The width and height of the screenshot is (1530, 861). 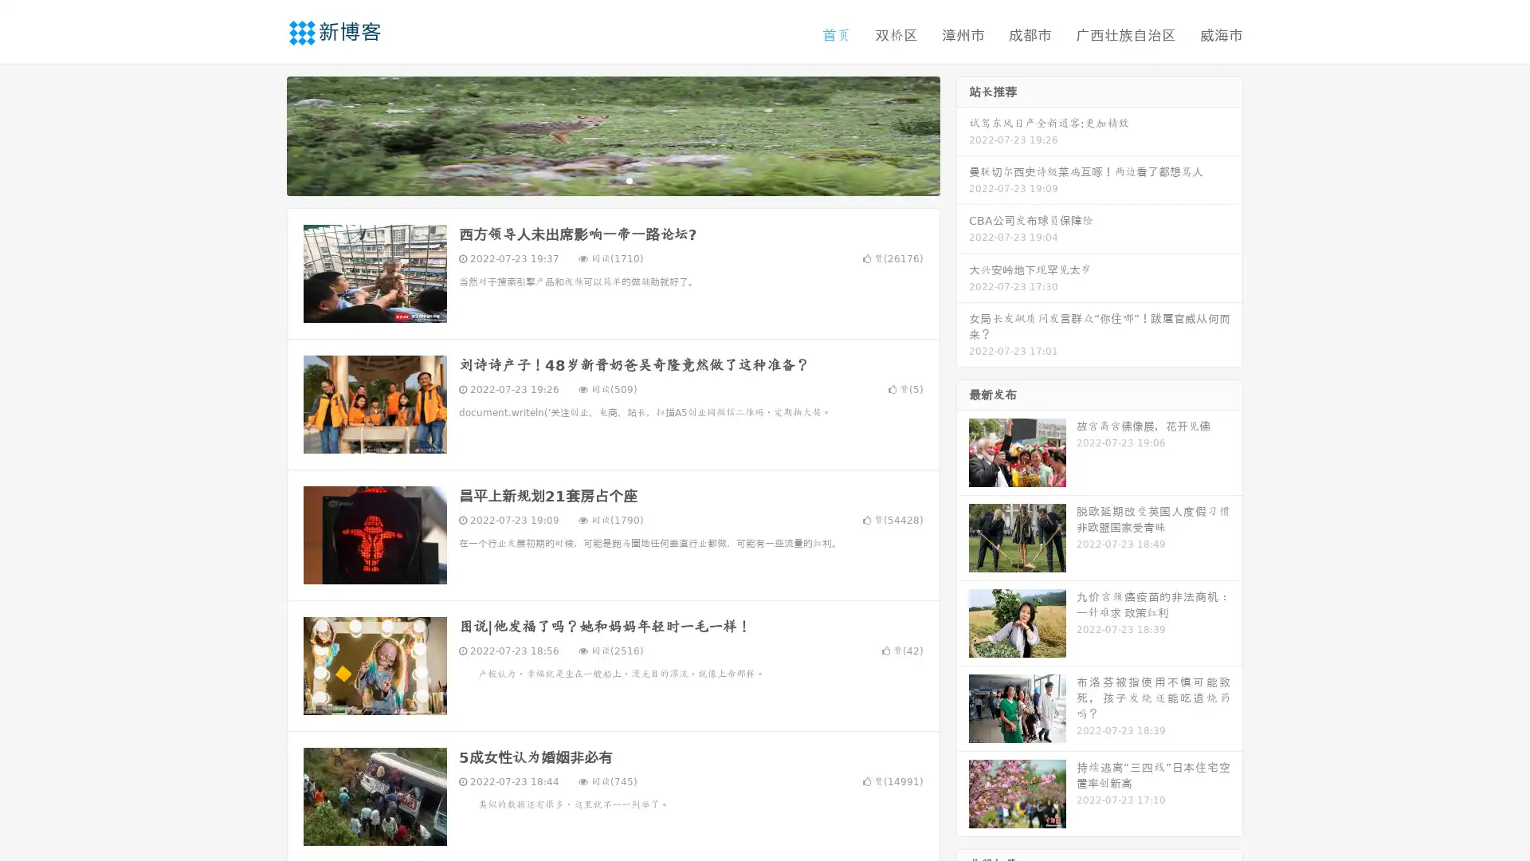 I want to click on Next slide, so click(x=963, y=134).